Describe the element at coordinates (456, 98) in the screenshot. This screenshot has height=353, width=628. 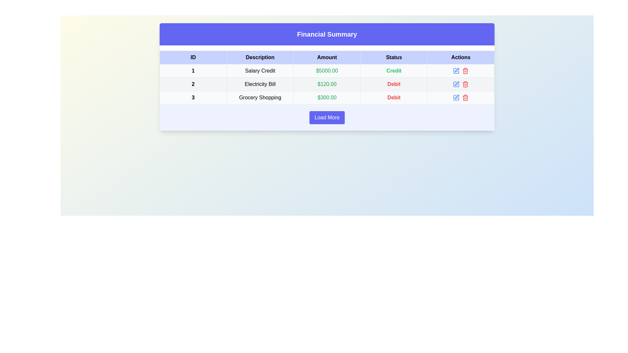
I see `the edit icon located next to the trash bin icon in the 'Actions' column of the third row of the data table` at that location.